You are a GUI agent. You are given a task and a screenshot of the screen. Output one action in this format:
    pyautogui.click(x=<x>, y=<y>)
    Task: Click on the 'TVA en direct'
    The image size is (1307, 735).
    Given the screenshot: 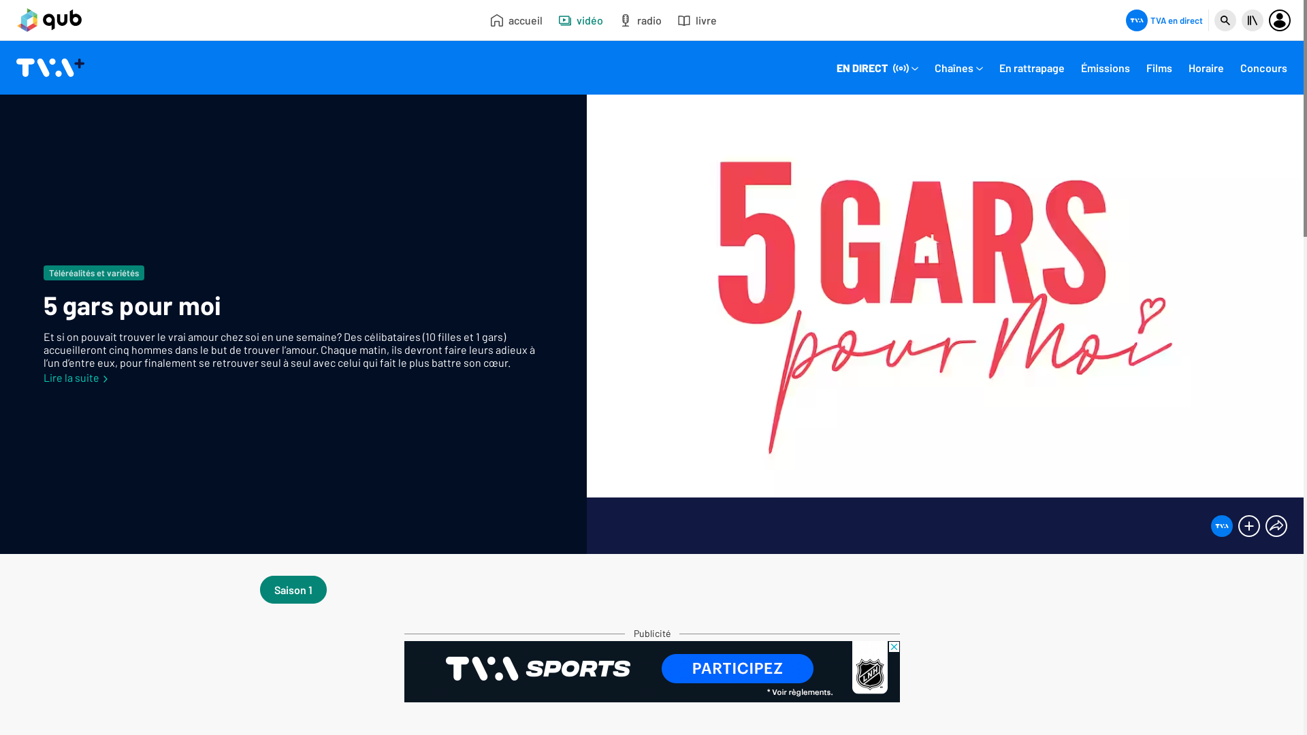 What is the action you would take?
    pyautogui.click(x=1163, y=20)
    